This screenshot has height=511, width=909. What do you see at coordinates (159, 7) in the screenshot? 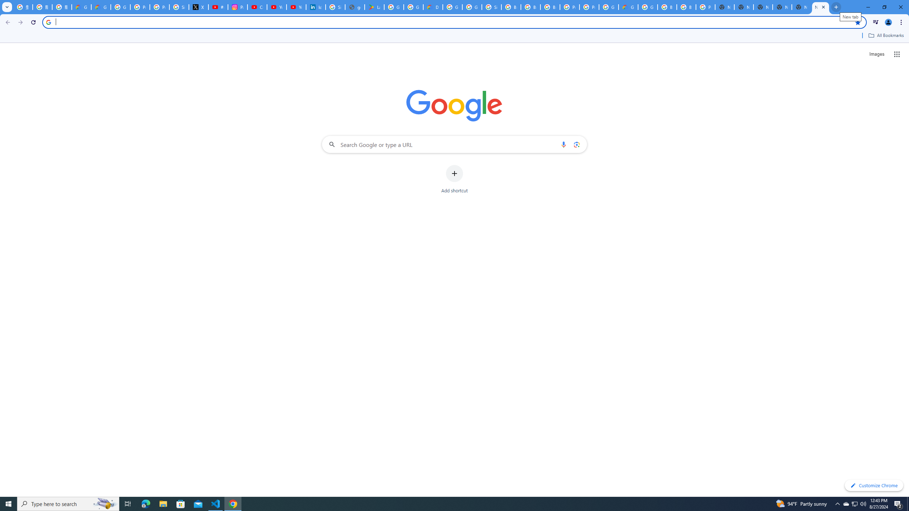
I see `'Privacy Help Center - Policies Help'` at bounding box center [159, 7].